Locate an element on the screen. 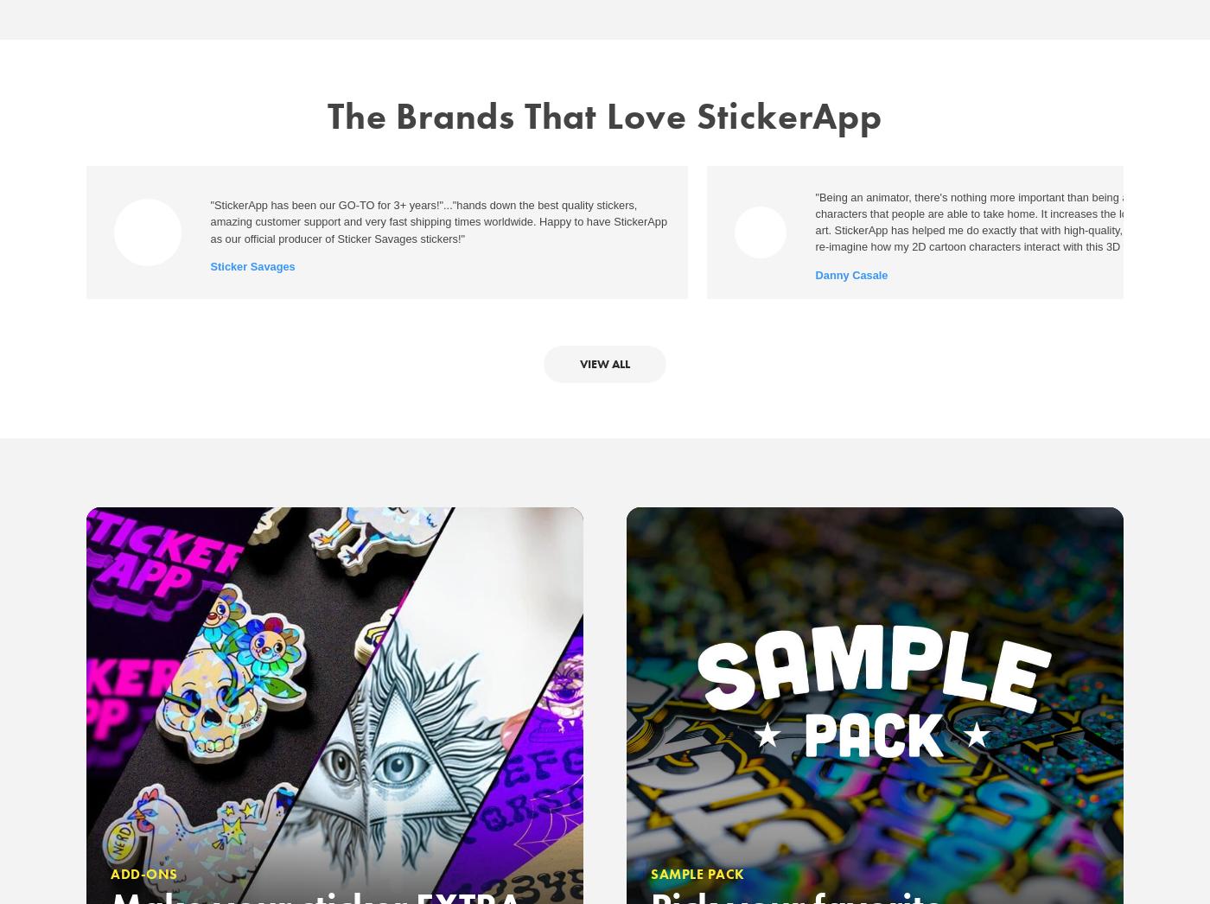 Image resolution: width=1210 pixels, height=904 pixels. 'About us' is located at coordinates (366, 130).